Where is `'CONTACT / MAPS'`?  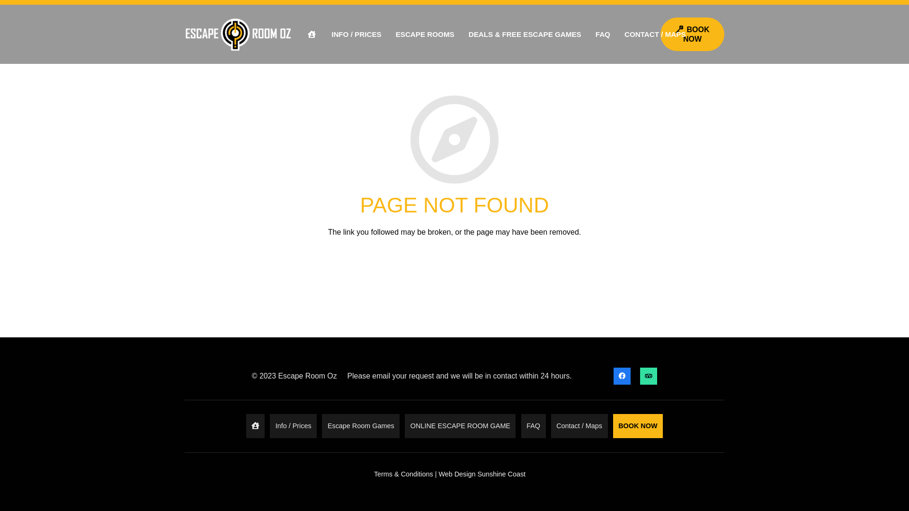
'CONTACT / MAPS' is located at coordinates (617, 34).